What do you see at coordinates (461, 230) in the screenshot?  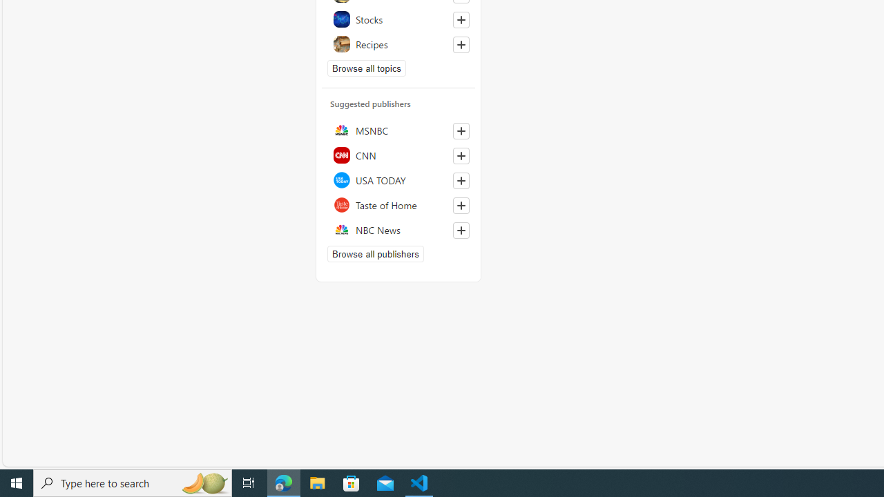 I see `'Follow this source'` at bounding box center [461, 230].